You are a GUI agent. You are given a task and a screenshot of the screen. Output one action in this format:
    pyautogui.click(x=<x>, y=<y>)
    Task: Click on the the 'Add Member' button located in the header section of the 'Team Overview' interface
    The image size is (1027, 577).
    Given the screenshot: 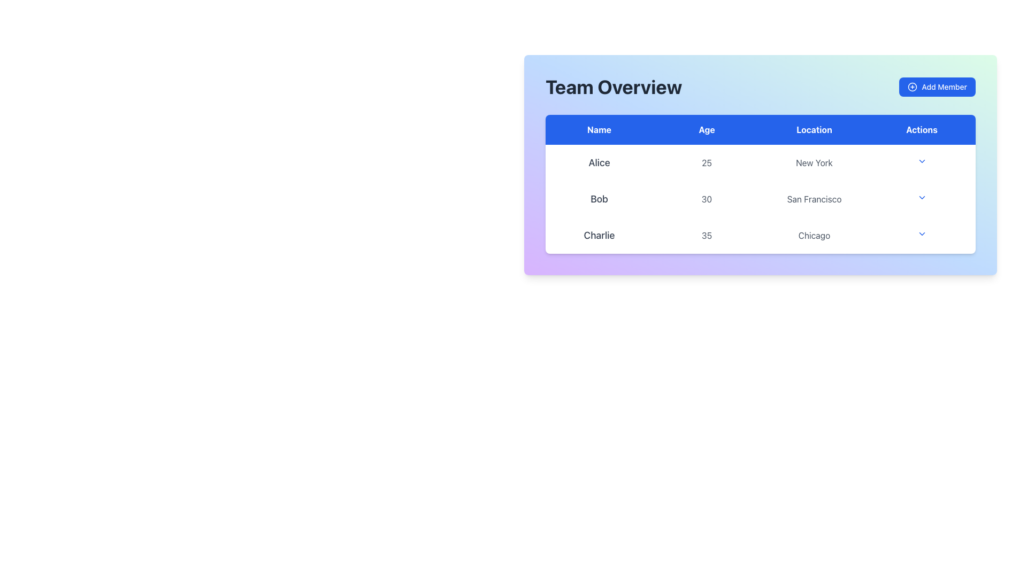 What is the action you would take?
    pyautogui.click(x=937, y=86)
    